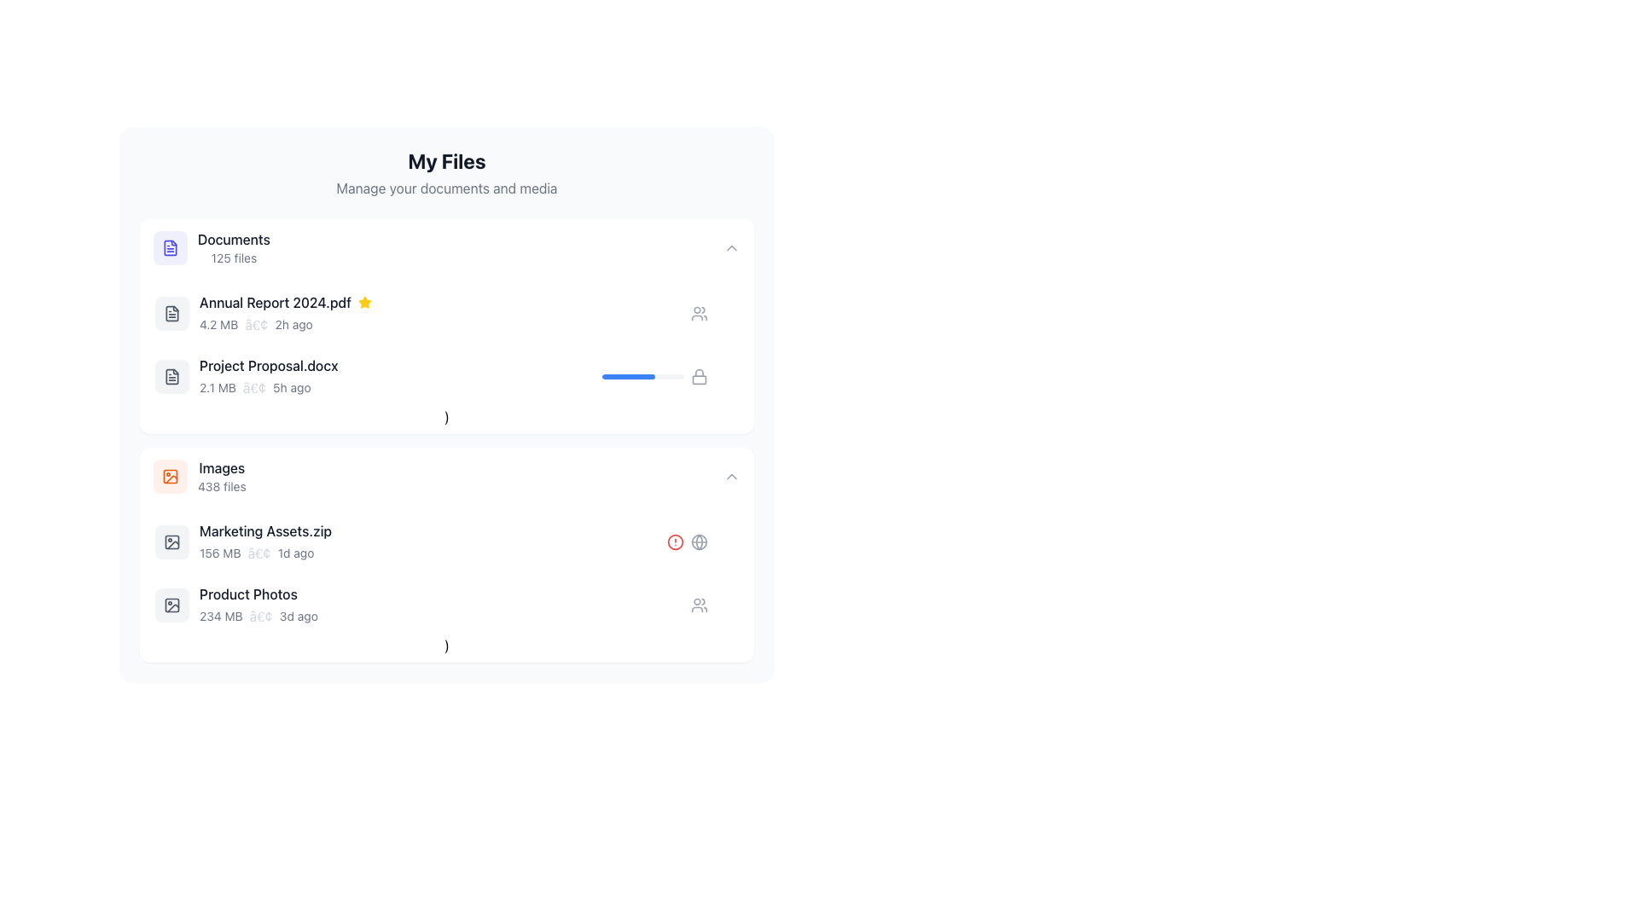  What do you see at coordinates (422, 313) in the screenshot?
I see `the 'Annual Report 2024.pdf' file entry` at bounding box center [422, 313].